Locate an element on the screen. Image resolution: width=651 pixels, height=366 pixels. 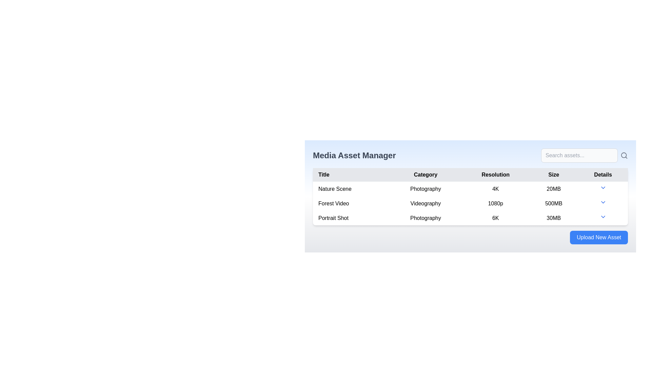
the Dropdown trigger icon in the 'Details' column associated with the 'Forest Video' entry is located at coordinates (603, 203).